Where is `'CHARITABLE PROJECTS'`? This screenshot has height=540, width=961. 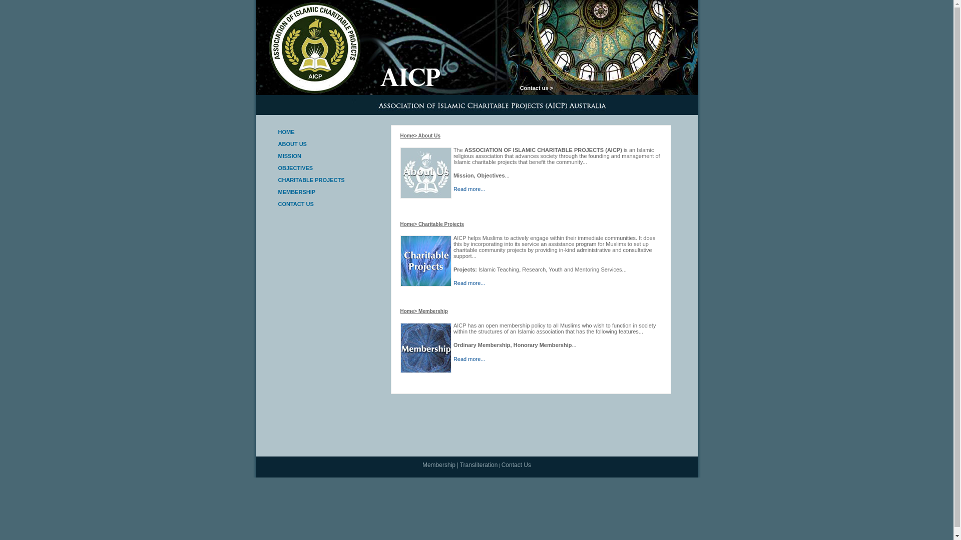
'CHARITABLE PROJECTS' is located at coordinates (311, 179).